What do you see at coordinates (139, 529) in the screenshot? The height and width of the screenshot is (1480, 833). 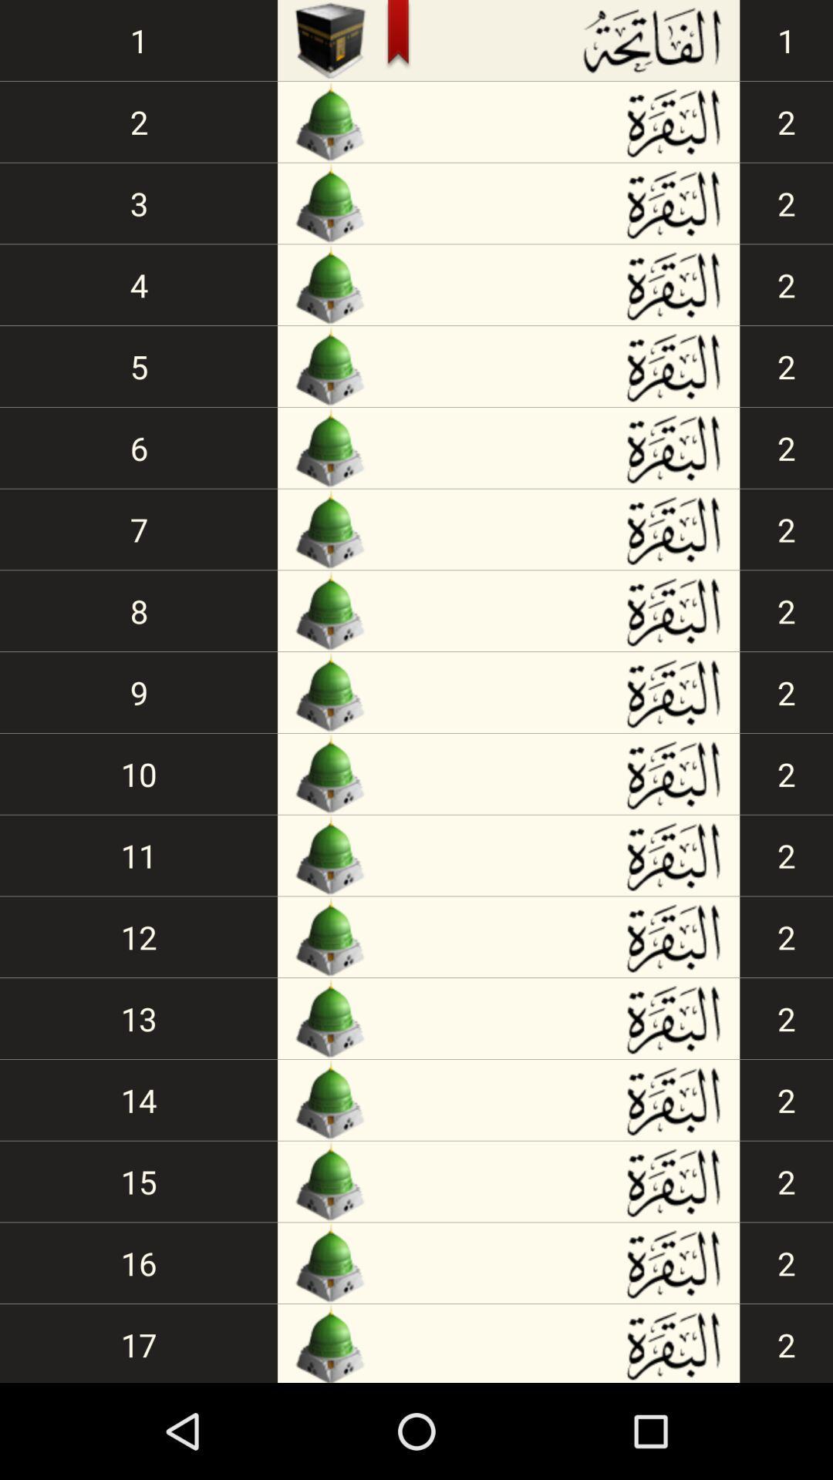 I see `icon below 6 item` at bounding box center [139, 529].